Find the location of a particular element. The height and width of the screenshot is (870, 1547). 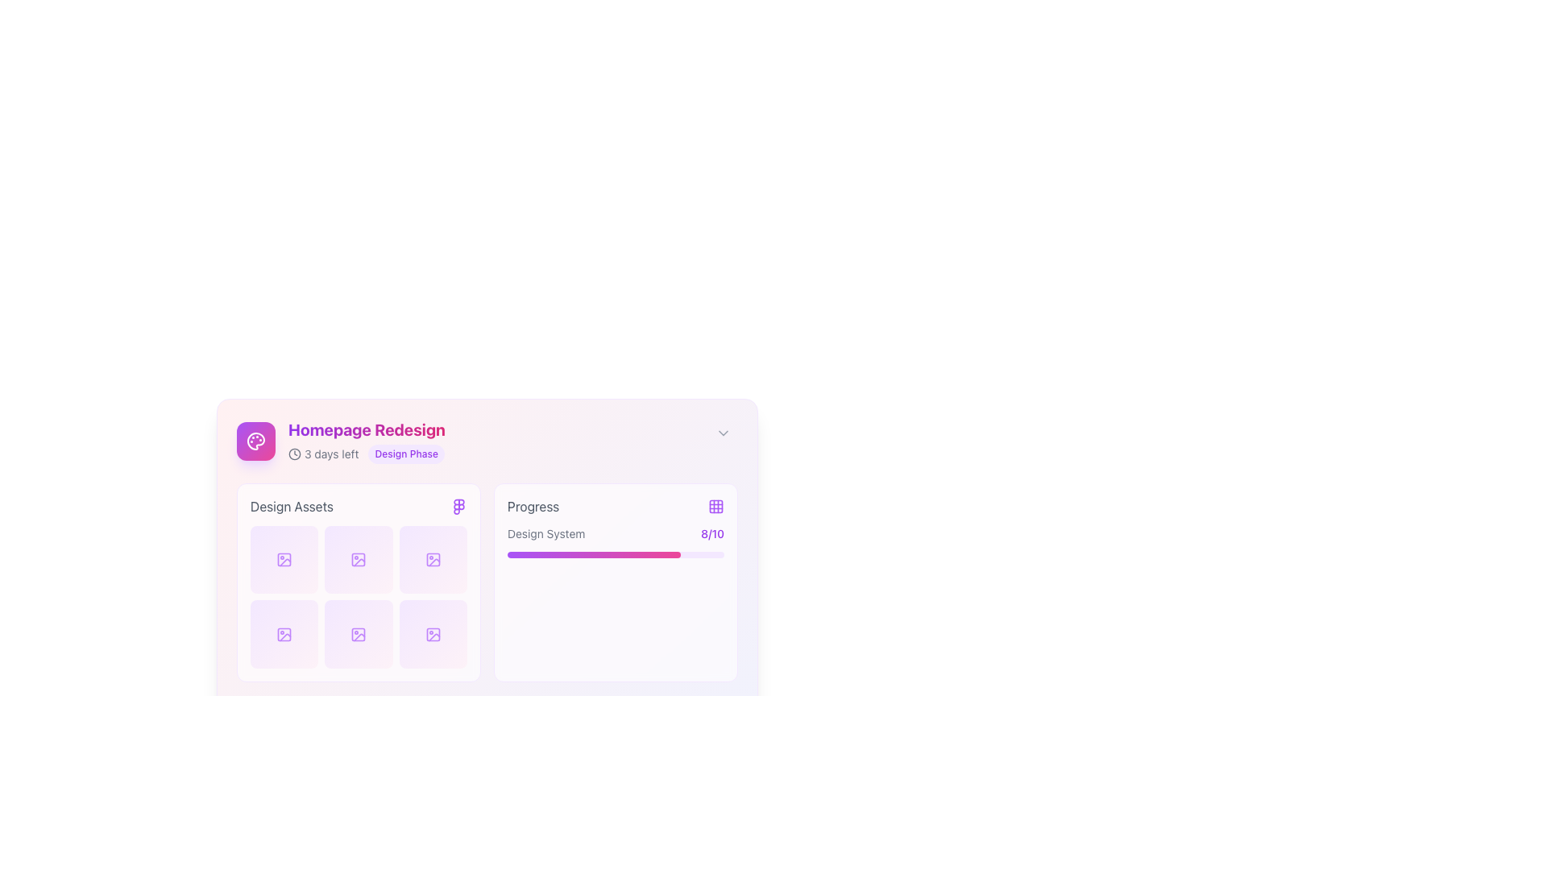

the progress bar indicating 80% completion for the 'Design System' task is located at coordinates (615, 554).